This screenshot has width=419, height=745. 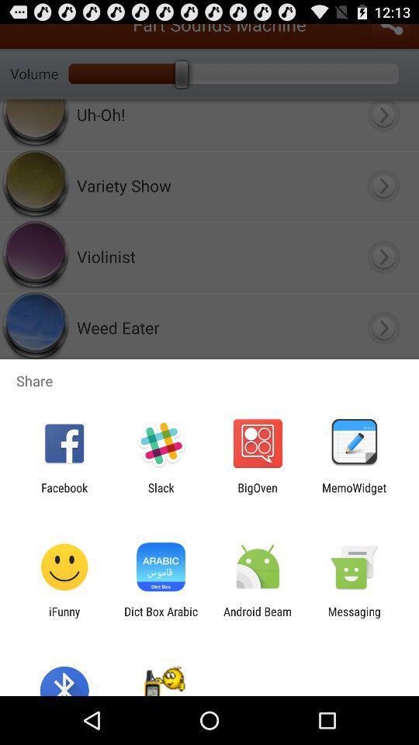 What do you see at coordinates (258, 494) in the screenshot?
I see `the item next to slack app` at bounding box center [258, 494].